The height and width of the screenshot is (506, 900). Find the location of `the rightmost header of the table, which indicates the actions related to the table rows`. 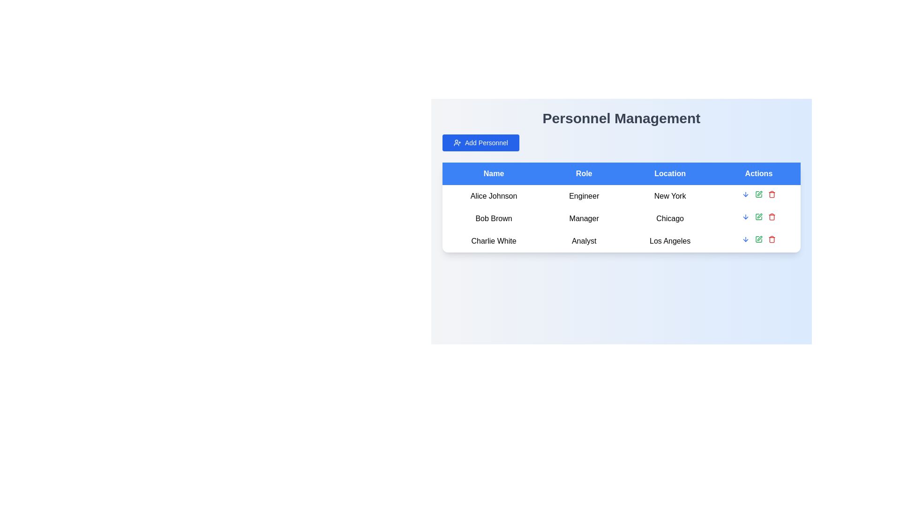

the rightmost header of the table, which indicates the actions related to the table rows is located at coordinates (758, 173).